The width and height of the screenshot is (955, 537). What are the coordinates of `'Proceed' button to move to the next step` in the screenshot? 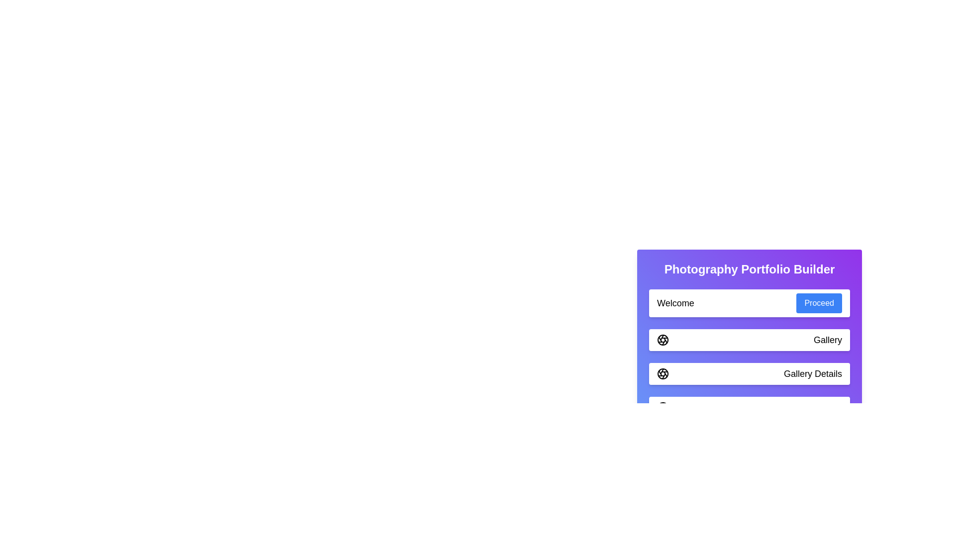 It's located at (819, 302).